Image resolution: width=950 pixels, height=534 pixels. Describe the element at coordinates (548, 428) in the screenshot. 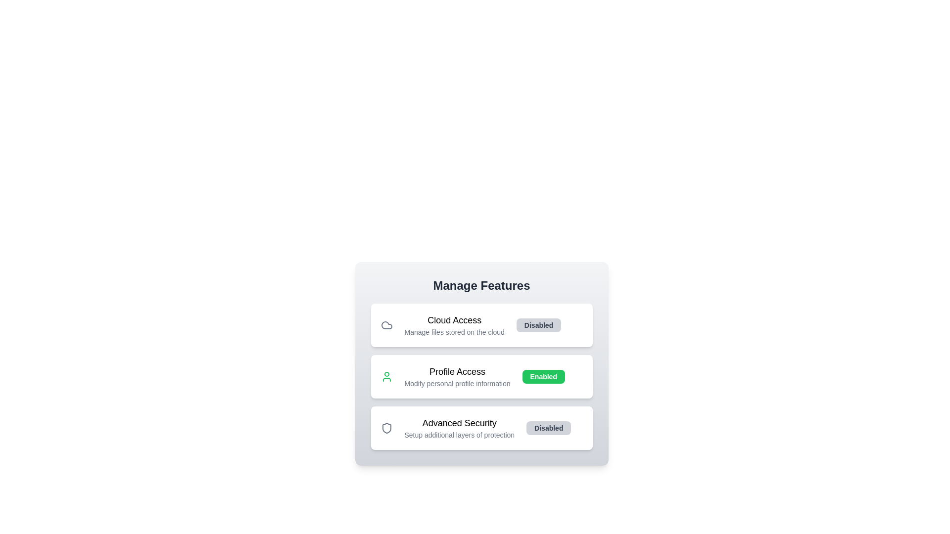

I see `toggle button for the feature identified by Advanced Security` at that location.